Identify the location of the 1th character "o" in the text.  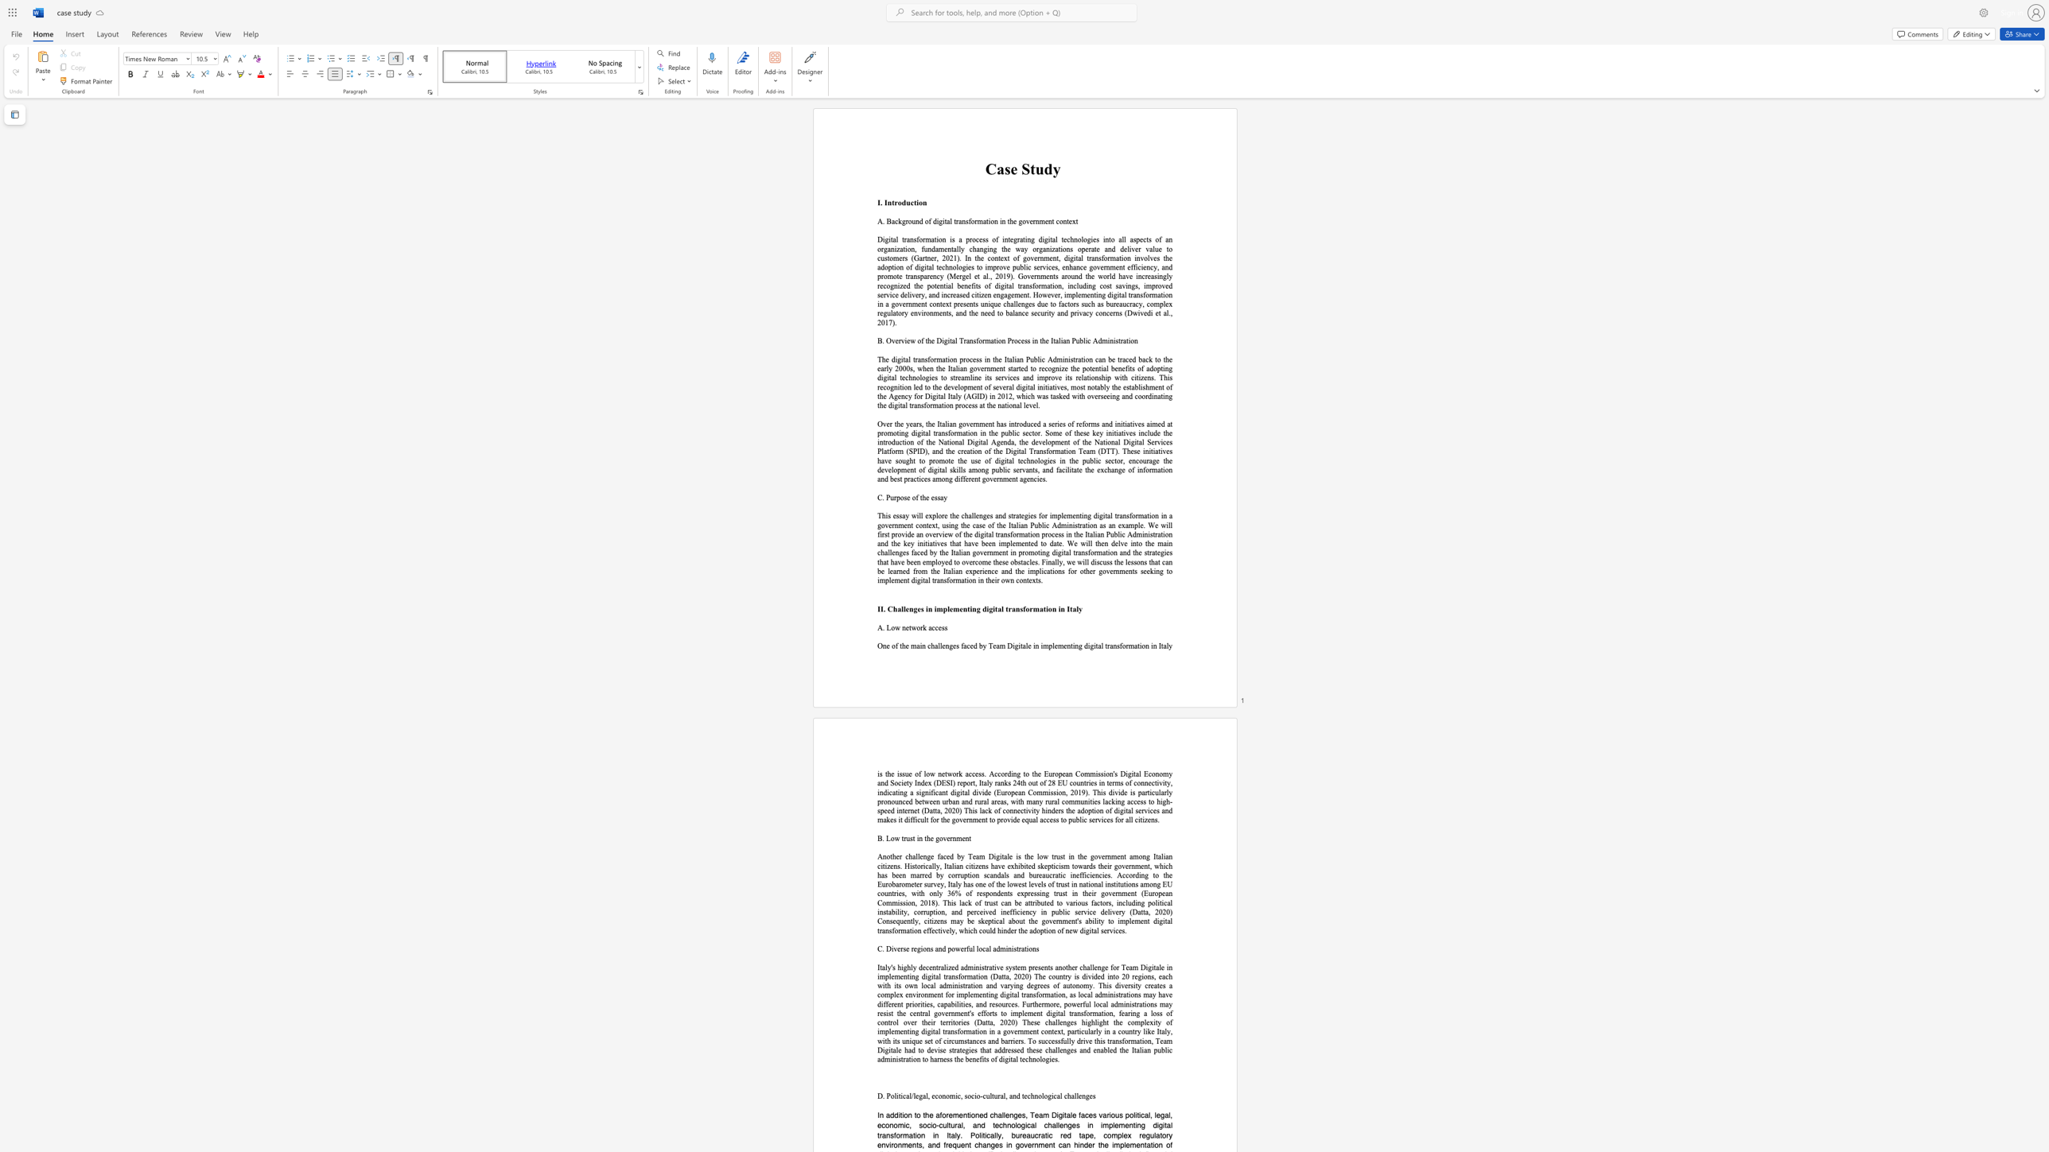
(947, 405).